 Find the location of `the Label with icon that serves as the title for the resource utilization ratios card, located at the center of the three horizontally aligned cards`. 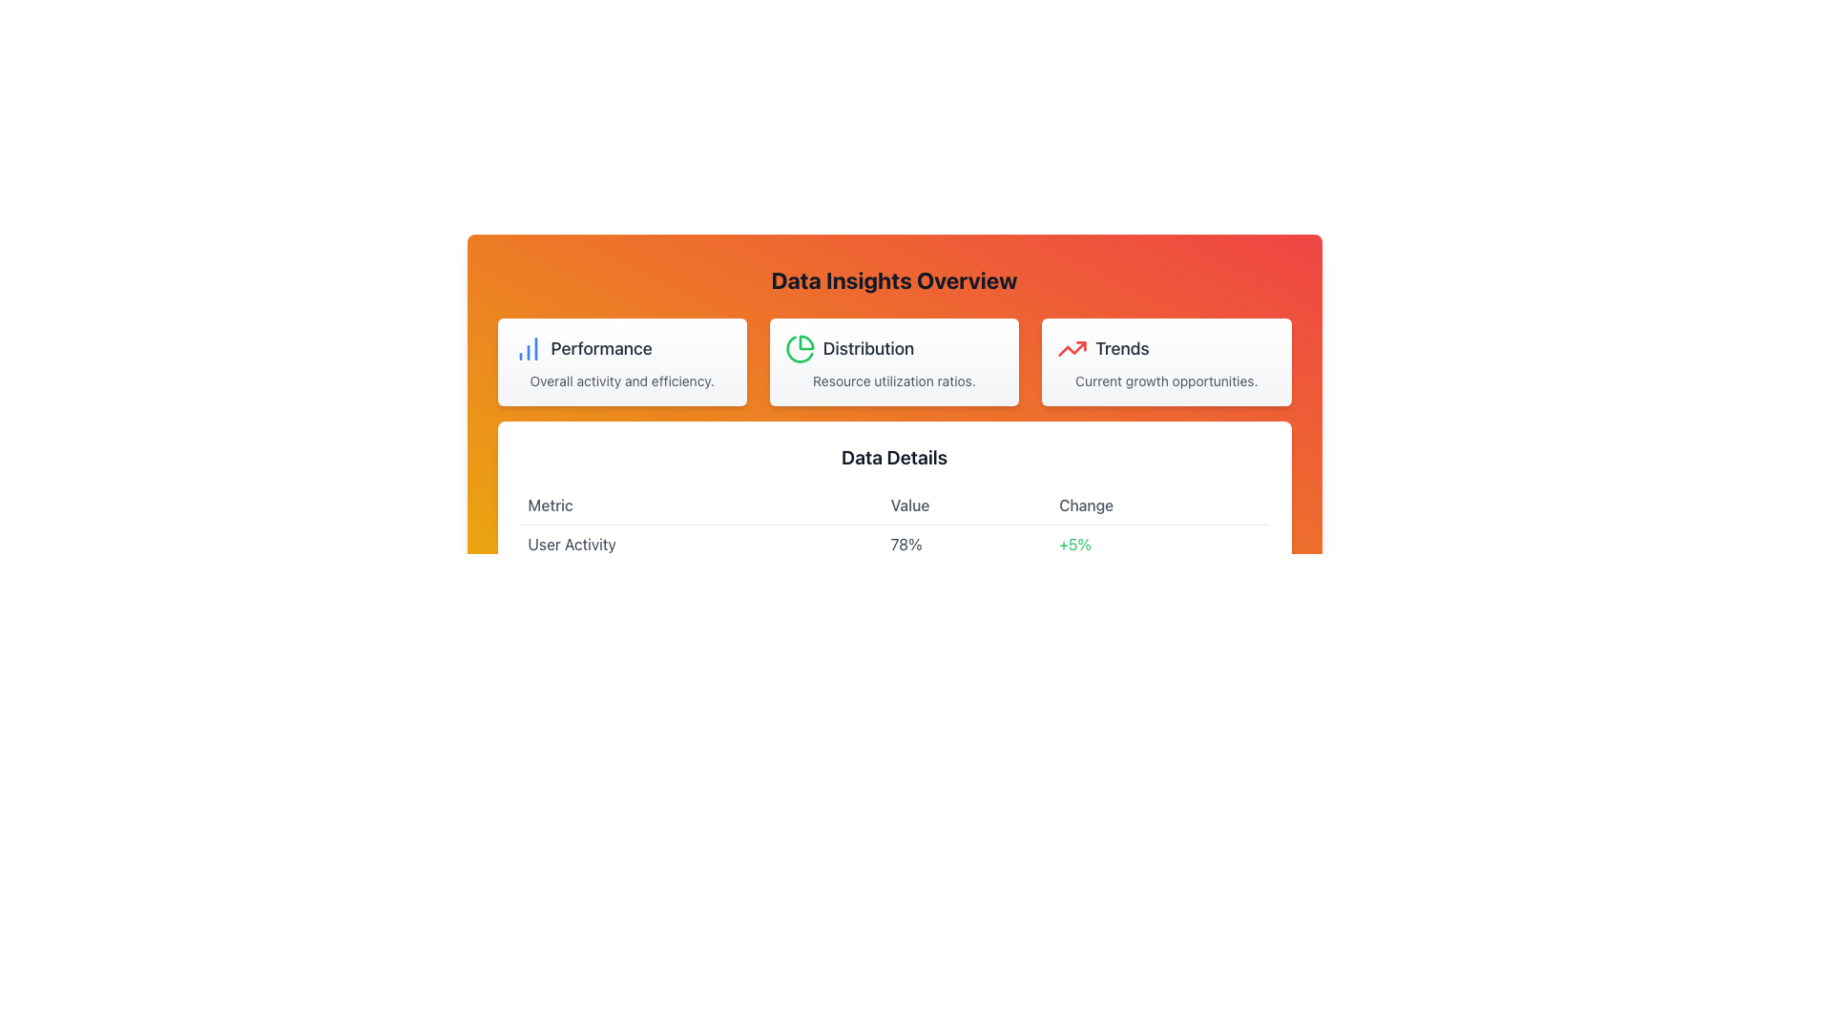

the Label with icon that serves as the title for the resource utilization ratios card, located at the center of the three horizontally aligned cards is located at coordinates (893, 349).